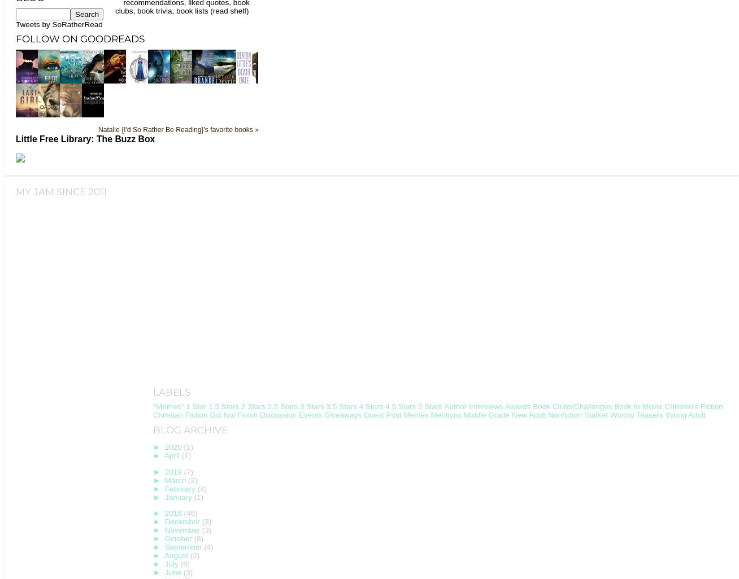  What do you see at coordinates (172, 563) in the screenshot?
I see `'July'` at bounding box center [172, 563].